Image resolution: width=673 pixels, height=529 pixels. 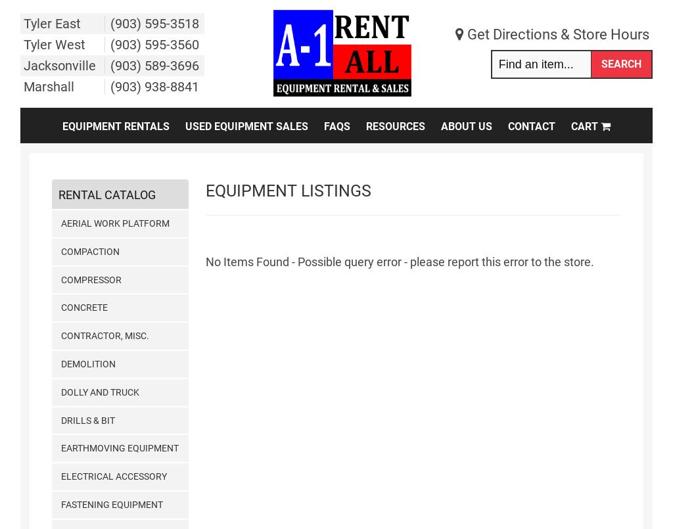 I want to click on 'Compaction', so click(x=89, y=250).